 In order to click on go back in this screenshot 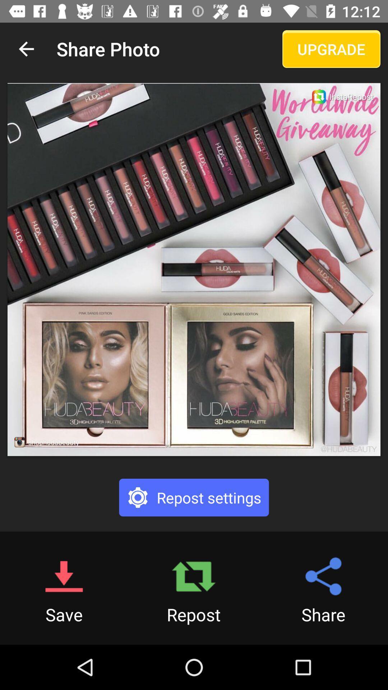, I will do `click(26, 49)`.